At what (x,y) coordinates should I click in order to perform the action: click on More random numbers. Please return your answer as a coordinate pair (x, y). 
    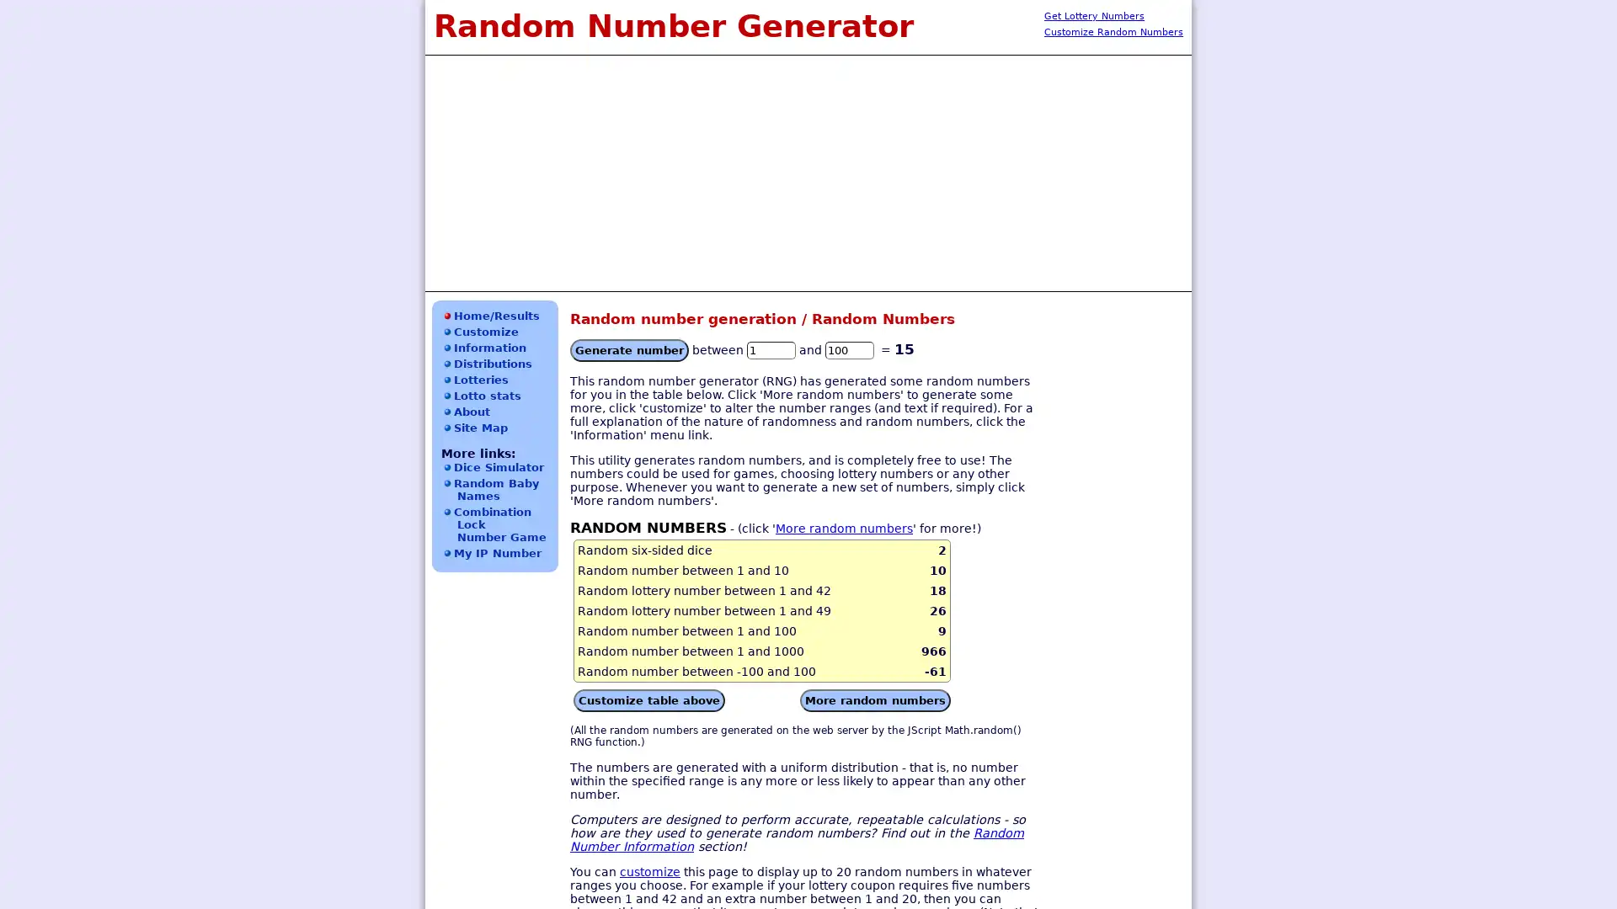
    Looking at the image, I should click on (875, 699).